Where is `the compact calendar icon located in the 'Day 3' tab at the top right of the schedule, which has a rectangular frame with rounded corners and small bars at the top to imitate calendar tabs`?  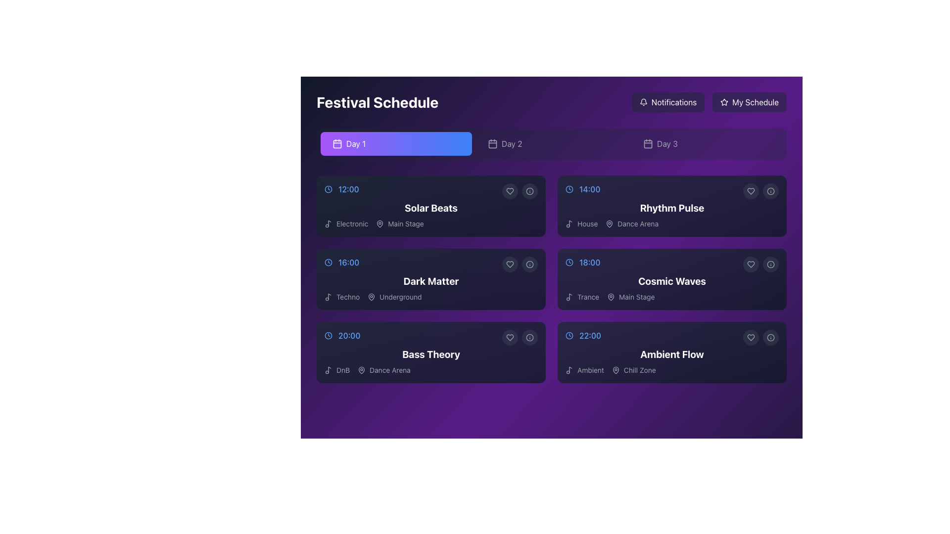
the compact calendar icon located in the 'Day 3' tab at the top right of the schedule, which has a rectangular frame with rounded corners and small bars at the top to imitate calendar tabs is located at coordinates (648, 143).